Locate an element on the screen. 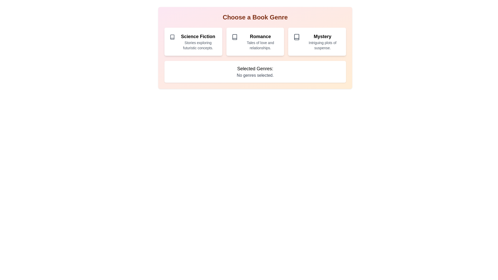  the 'Science Fiction' genre label in the genre selection interface, which is the first item in the row under 'Choose a Book Genre' is located at coordinates (198, 36).